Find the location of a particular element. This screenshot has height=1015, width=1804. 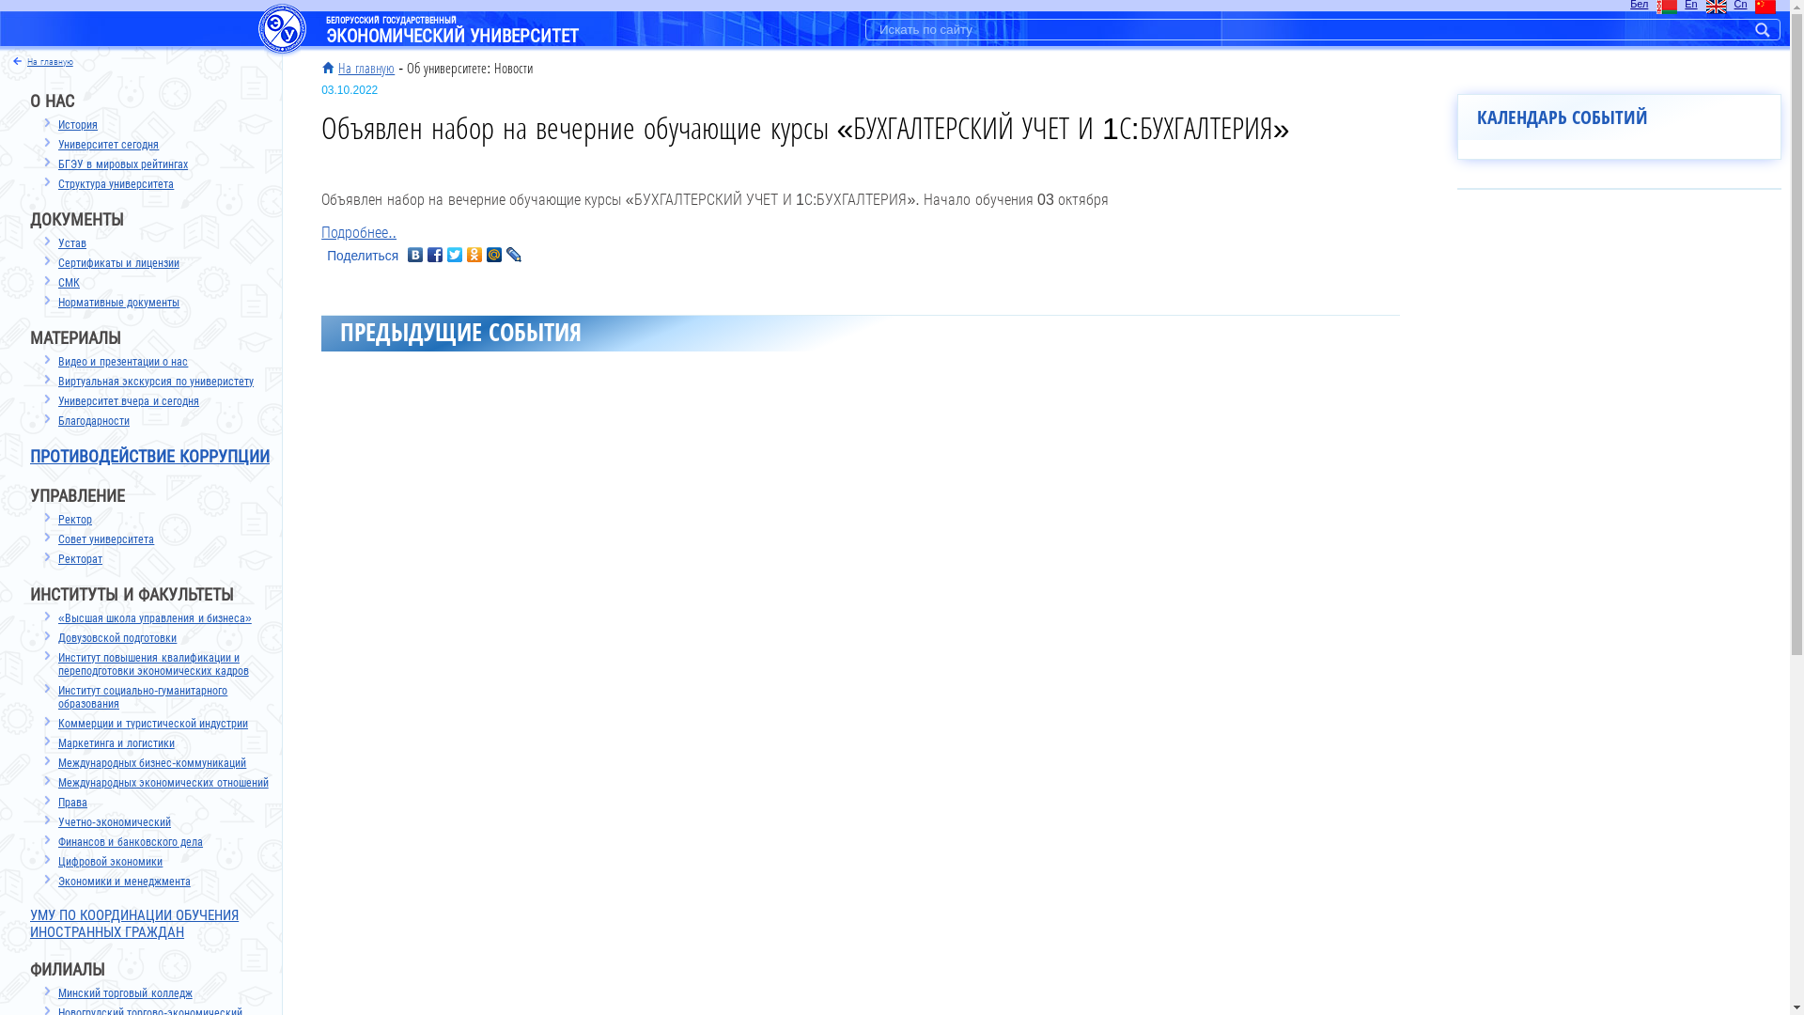

'Facebook' is located at coordinates (434, 254).